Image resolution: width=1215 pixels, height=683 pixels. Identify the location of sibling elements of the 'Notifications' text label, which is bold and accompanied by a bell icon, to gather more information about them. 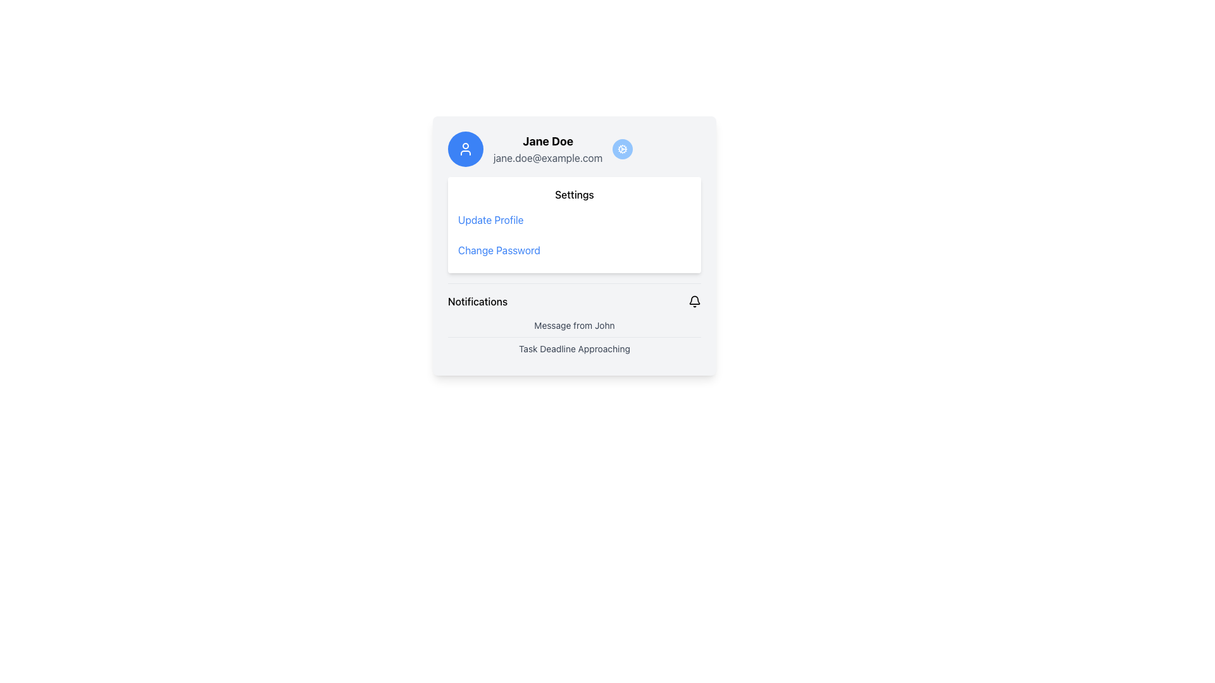
(573, 302).